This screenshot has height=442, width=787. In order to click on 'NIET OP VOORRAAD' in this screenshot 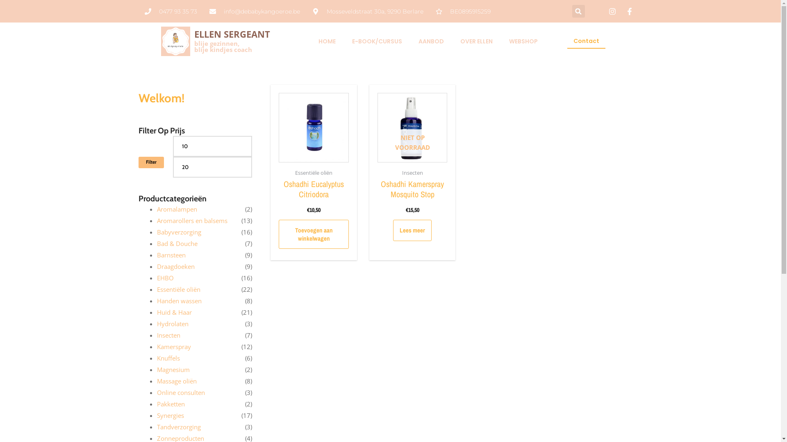, I will do `click(412, 128)`.